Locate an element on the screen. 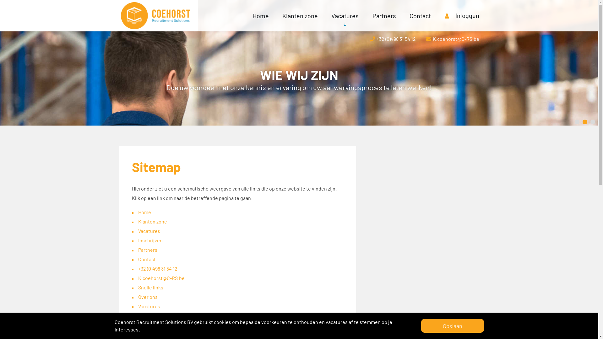 This screenshot has width=603, height=339. 'Inschrijven' is located at coordinates (150, 240).